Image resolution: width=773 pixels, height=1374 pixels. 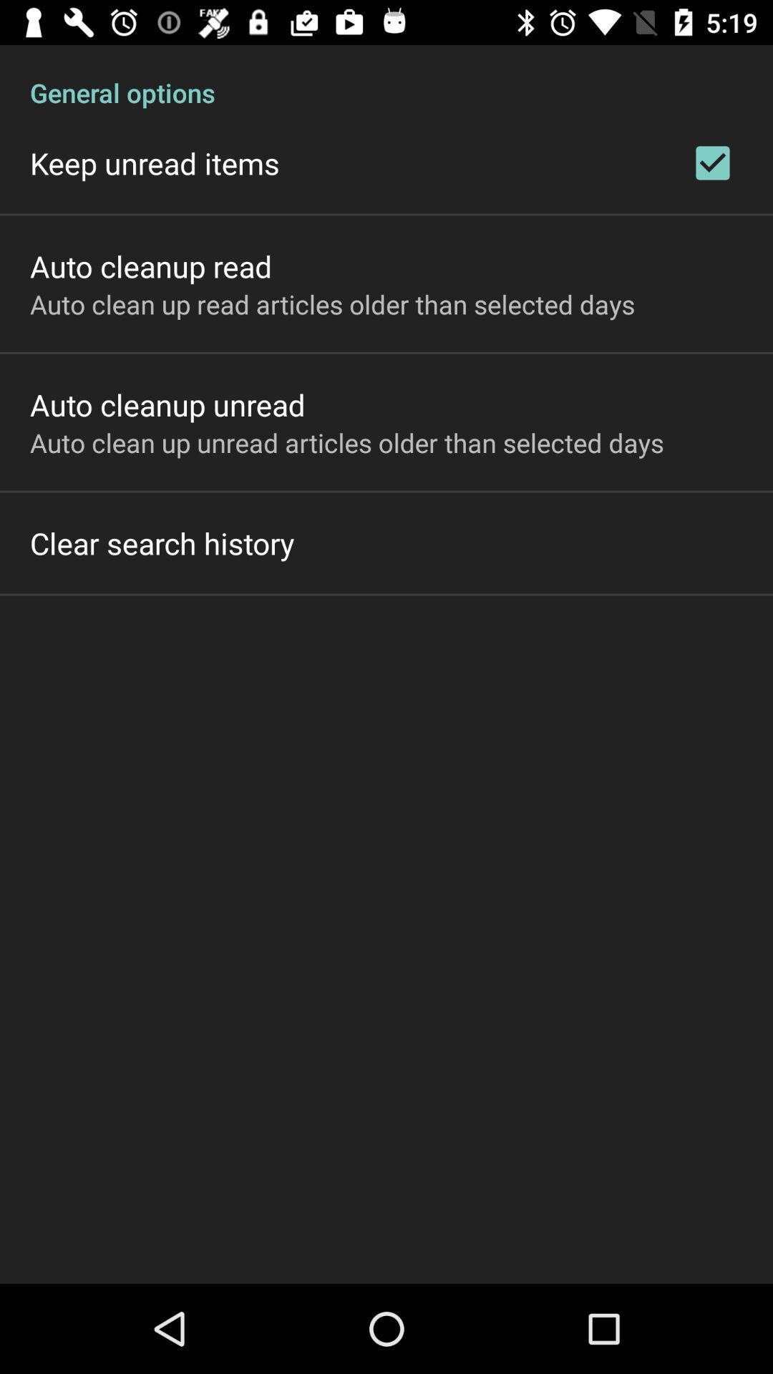 I want to click on the clear search history item, so click(x=161, y=542).